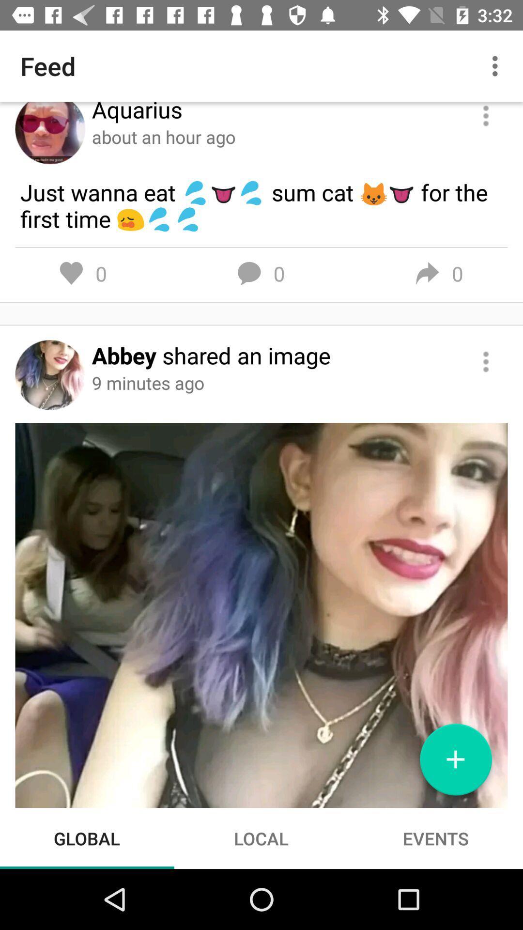 The width and height of the screenshot is (523, 930). Describe the element at coordinates (486, 361) in the screenshot. I see `post options` at that location.